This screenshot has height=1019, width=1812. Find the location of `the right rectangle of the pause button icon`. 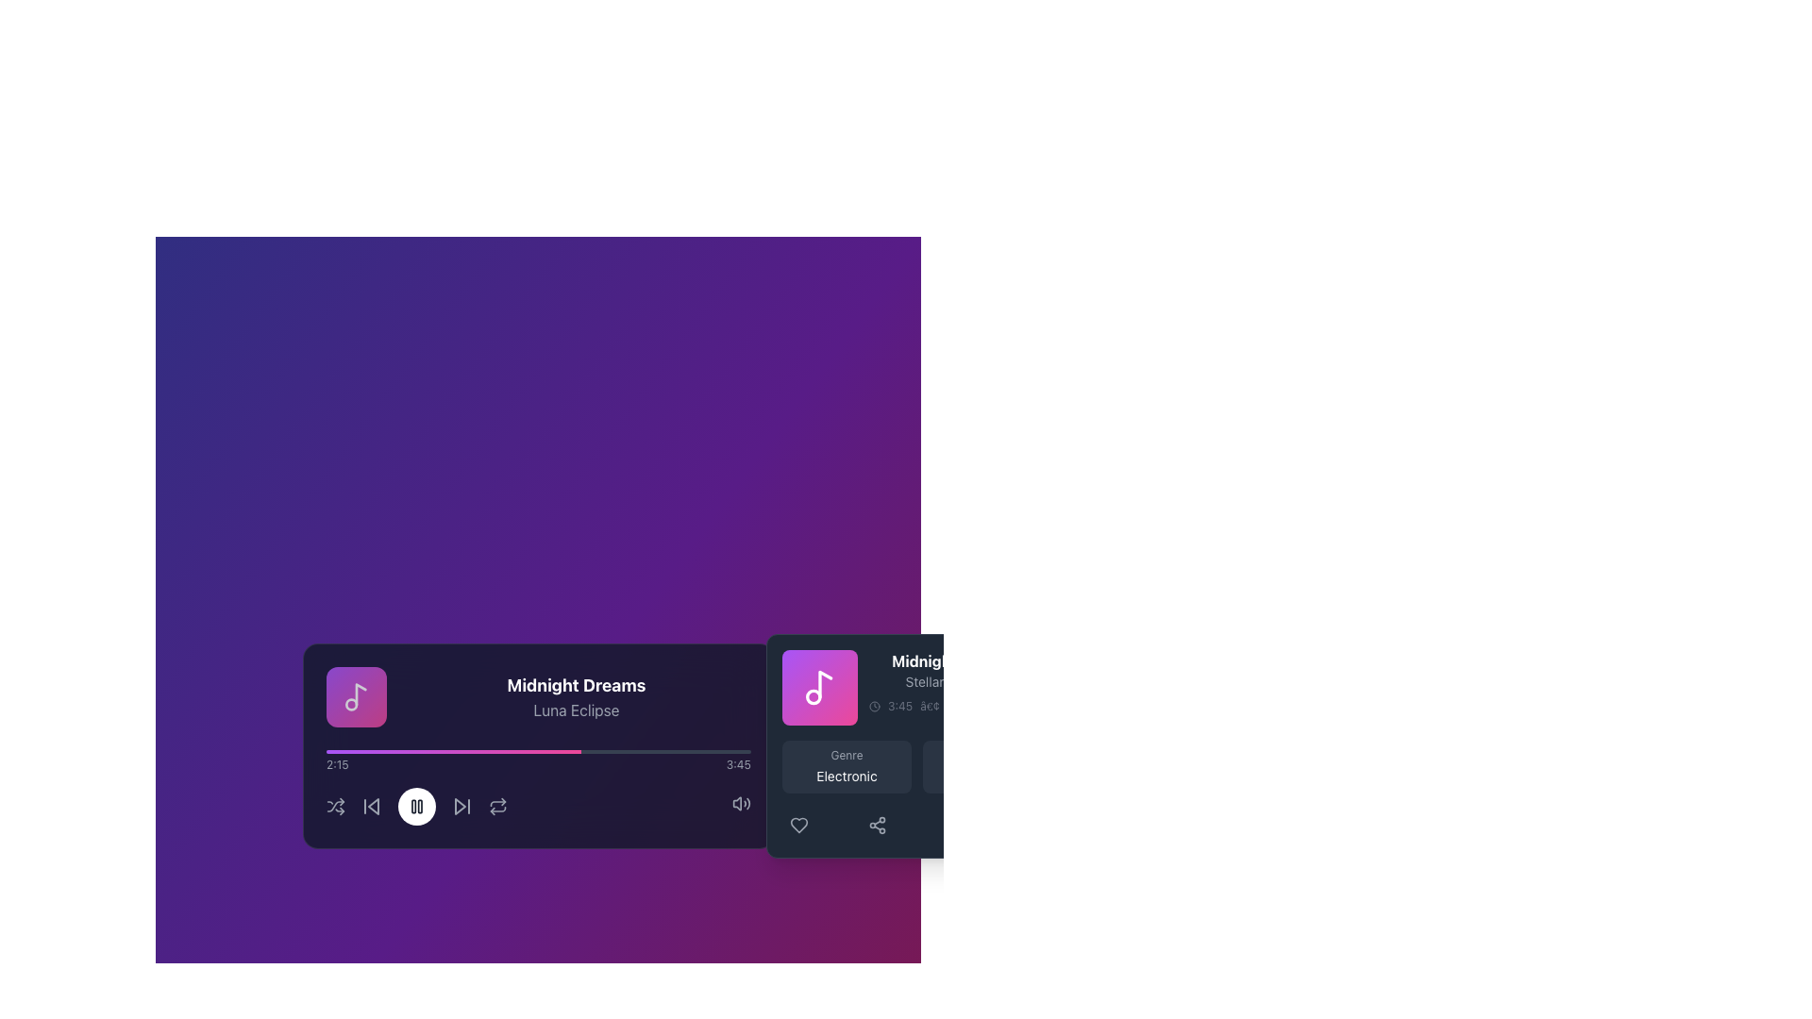

the right rectangle of the pause button icon is located at coordinates (418, 807).